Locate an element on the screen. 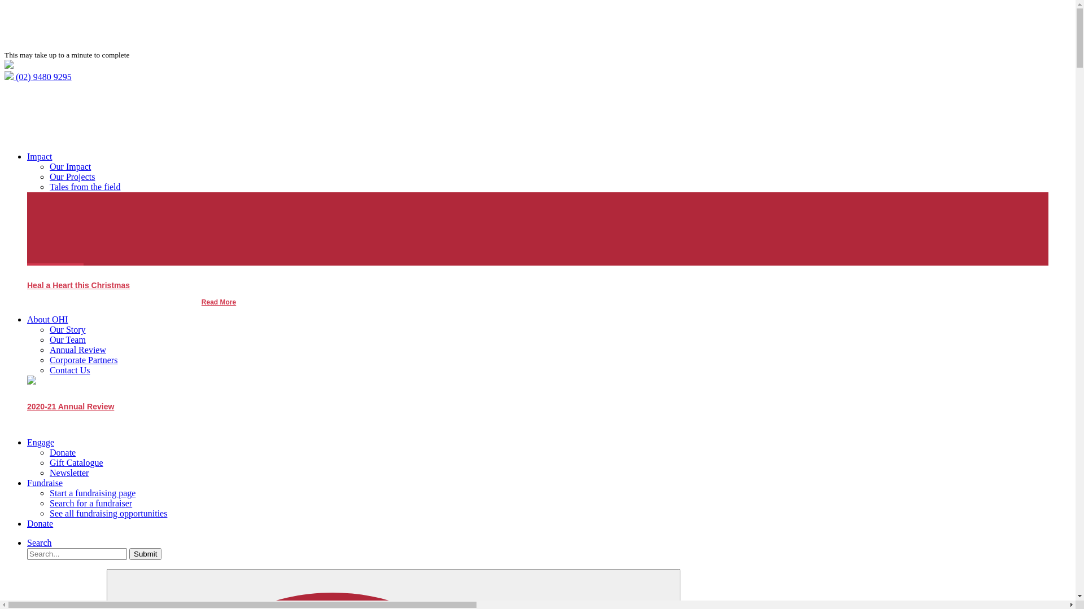 This screenshot has height=609, width=1084. '2020-21 Annual Review' is located at coordinates (27, 409).